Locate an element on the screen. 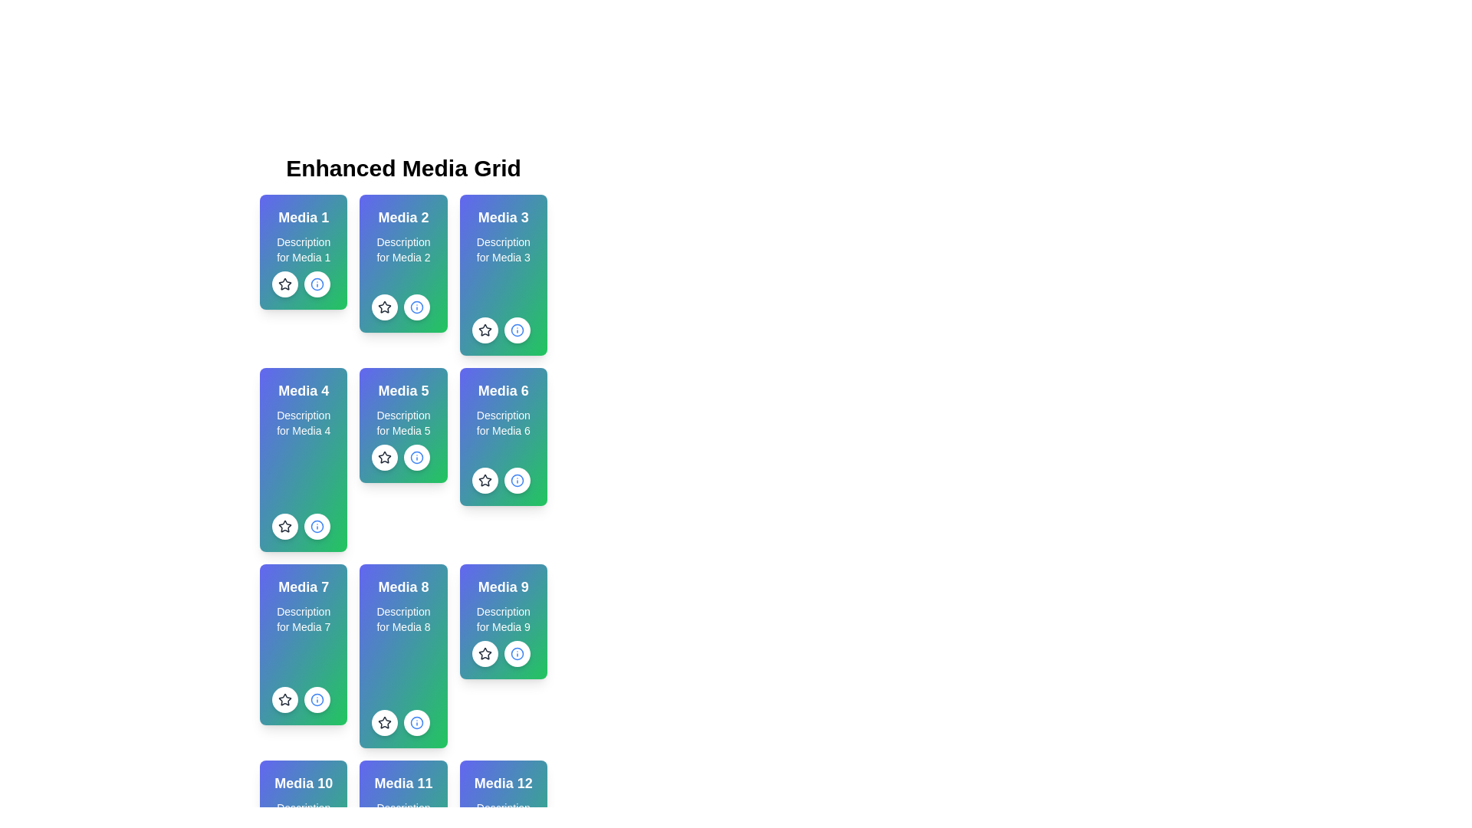 This screenshot has width=1472, height=828. the information icon button located in the group of two buttons inside the 'Media 3' card to get more information is located at coordinates (501, 330).